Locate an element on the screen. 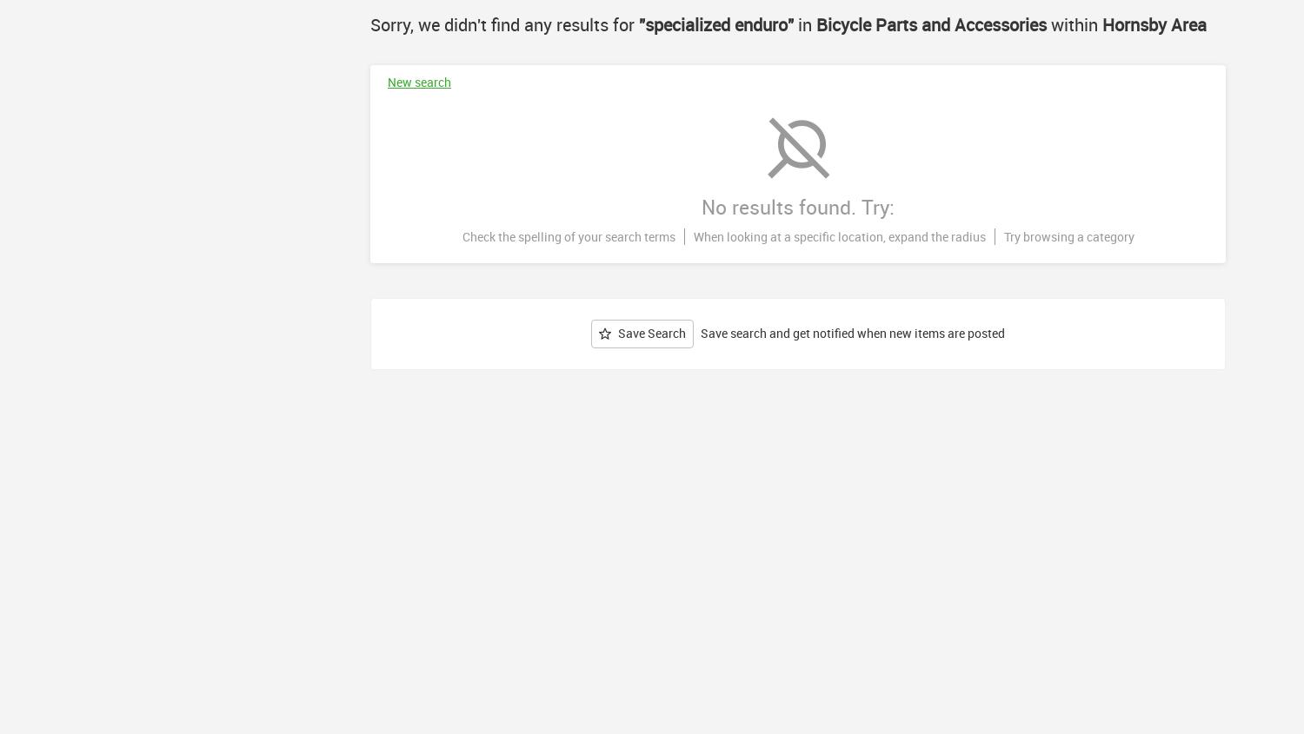  'within' is located at coordinates (1046, 23).